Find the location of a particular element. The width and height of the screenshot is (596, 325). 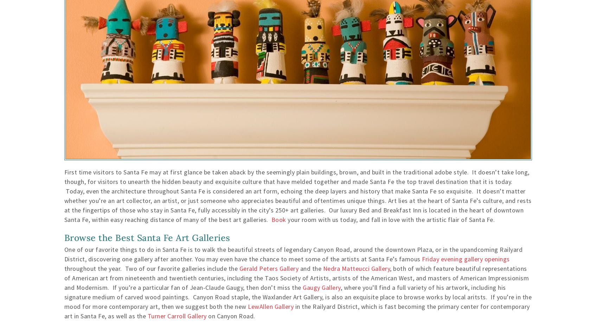

'Book' is located at coordinates (278, 219).